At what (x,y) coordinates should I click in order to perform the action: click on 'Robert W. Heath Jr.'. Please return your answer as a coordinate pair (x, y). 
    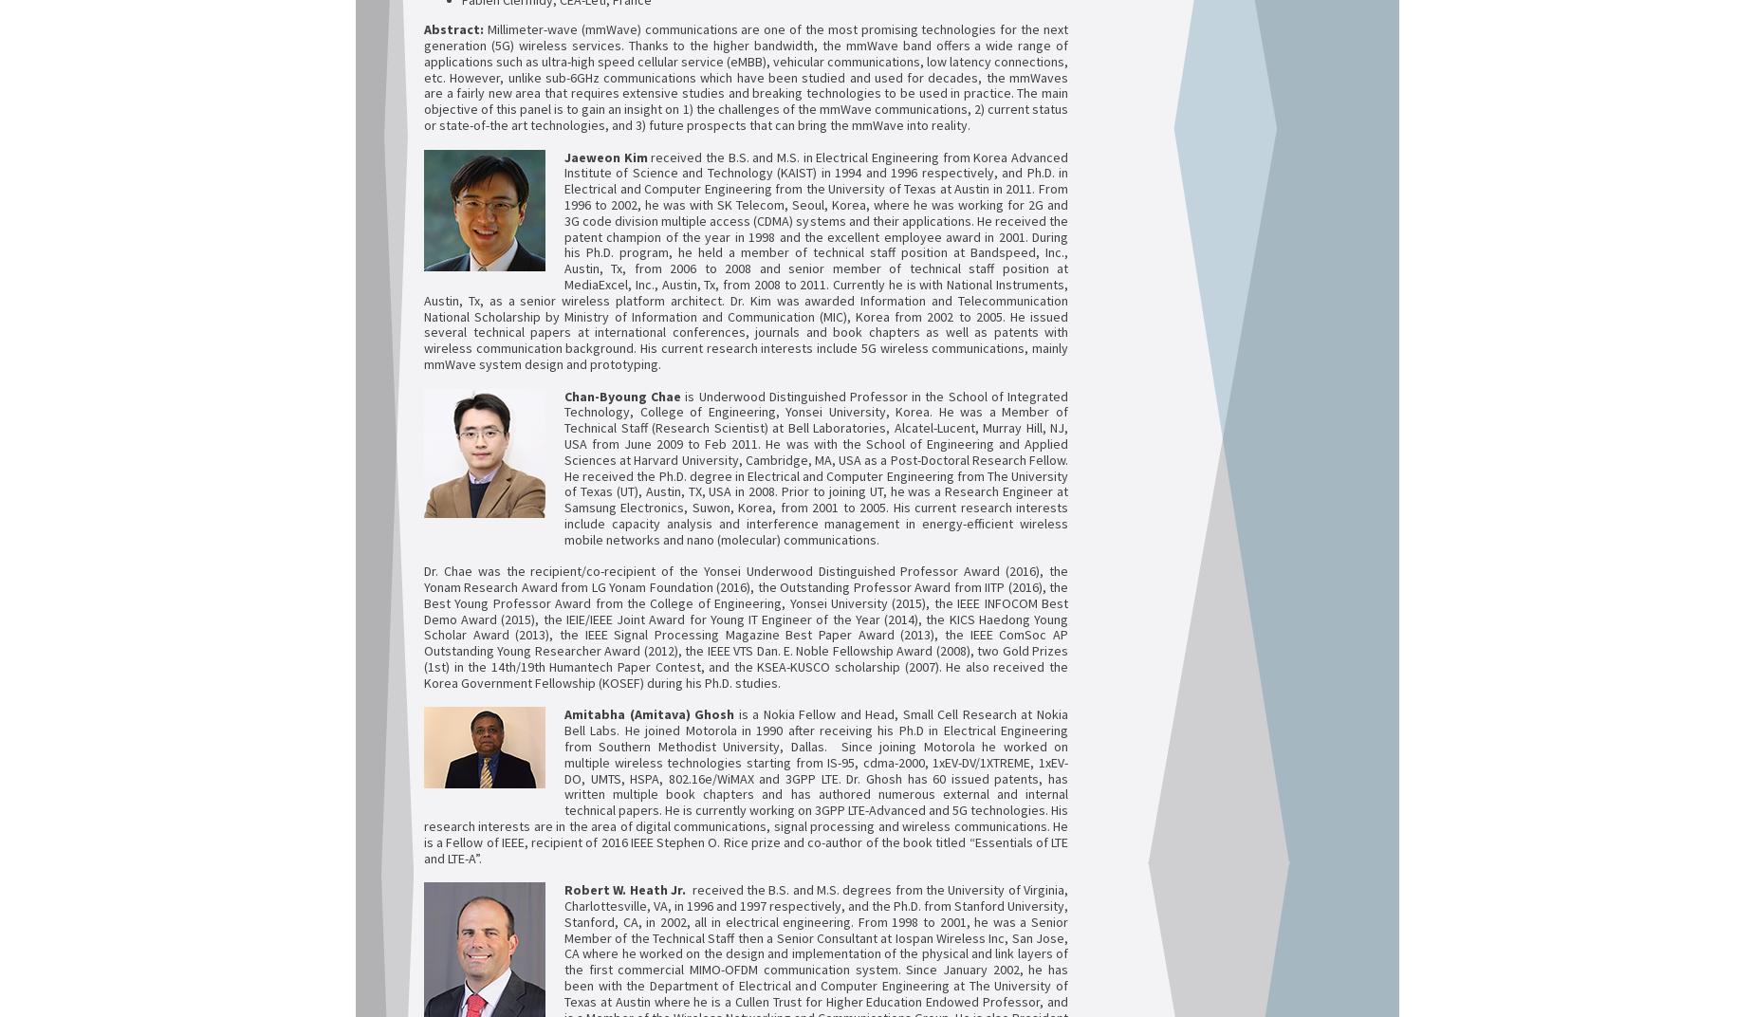
    Looking at the image, I should click on (563, 890).